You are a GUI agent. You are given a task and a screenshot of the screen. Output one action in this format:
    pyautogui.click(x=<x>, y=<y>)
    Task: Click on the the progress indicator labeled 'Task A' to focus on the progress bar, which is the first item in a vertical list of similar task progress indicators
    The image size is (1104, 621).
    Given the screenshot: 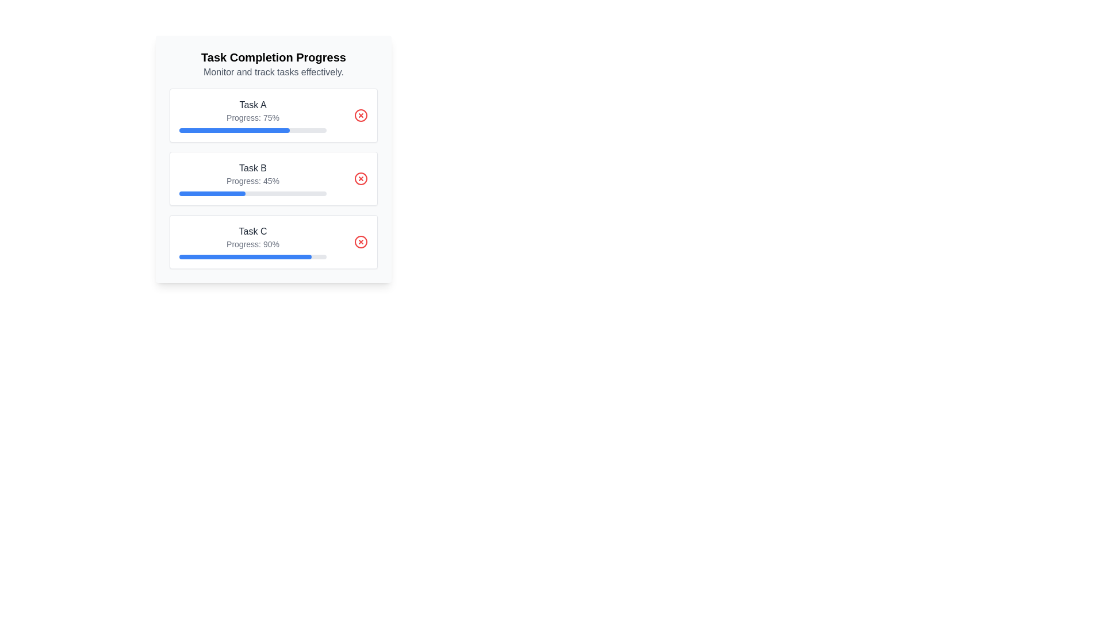 What is the action you would take?
    pyautogui.click(x=252, y=115)
    